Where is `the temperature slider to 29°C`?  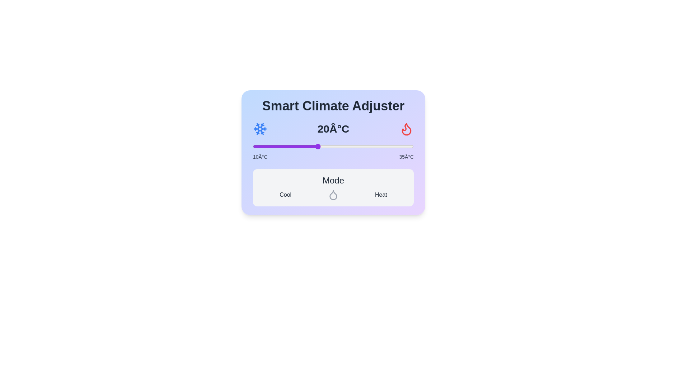 the temperature slider to 29°C is located at coordinates (375, 146).